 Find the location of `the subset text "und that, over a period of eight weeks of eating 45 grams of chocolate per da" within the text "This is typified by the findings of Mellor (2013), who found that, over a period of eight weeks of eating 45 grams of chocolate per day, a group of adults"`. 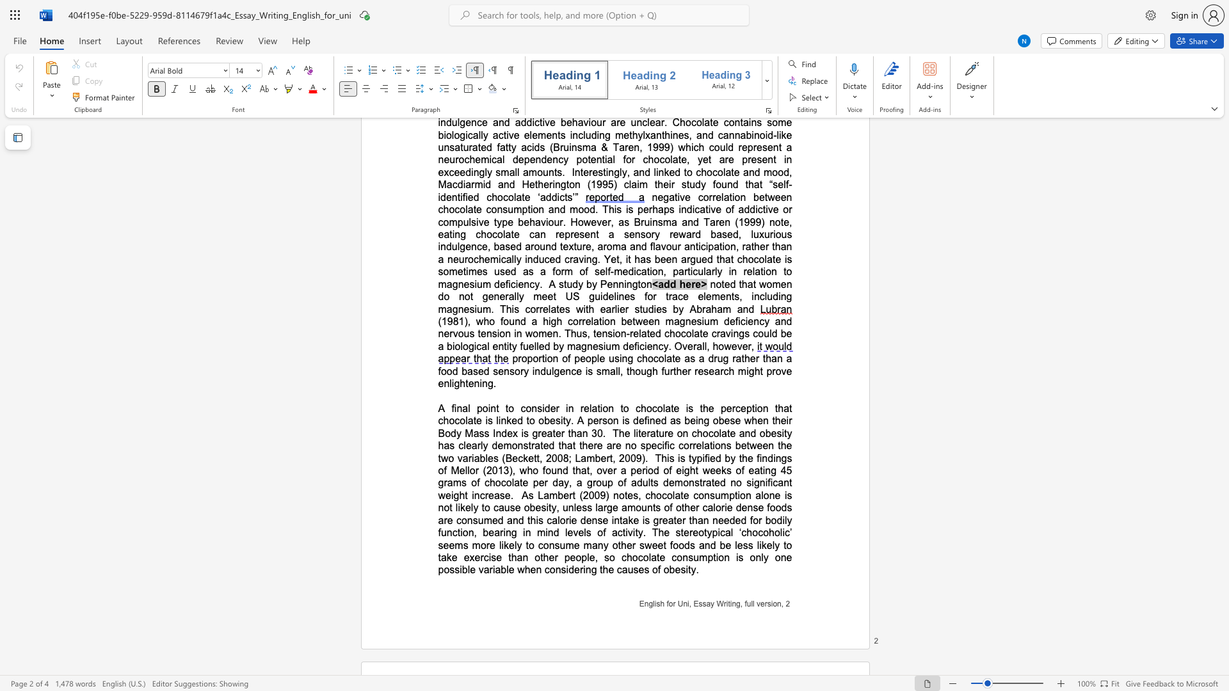

the subset text "und that, over a period of eight weeks of eating 45 grams of chocolate per da" within the text "This is typified by the findings of Mellor (2013), who found that, over a period of eight weeks of eating 45 grams of chocolate per day, a group of adults" is located at coordinates (551, 470).